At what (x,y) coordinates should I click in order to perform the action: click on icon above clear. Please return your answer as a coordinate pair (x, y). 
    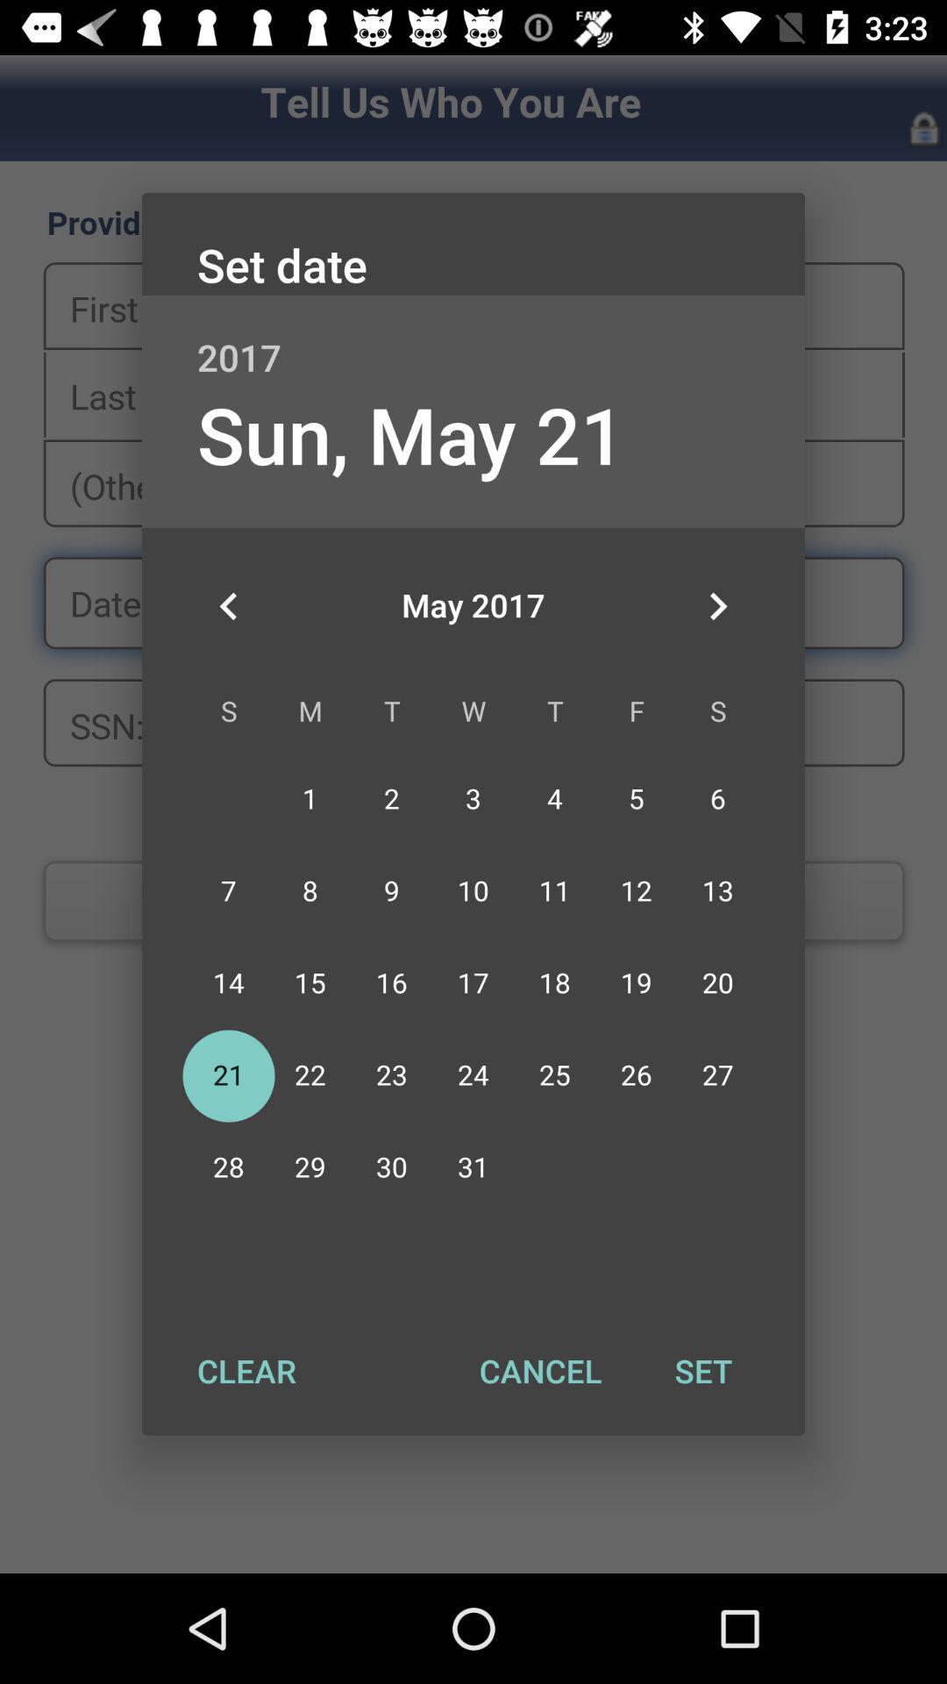
    Looking at the image, I should click on (228, 606).